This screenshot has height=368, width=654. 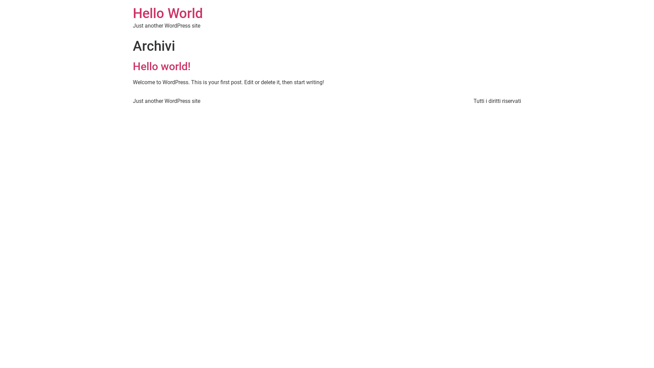 I want to click on 'Hello world!', so click(x=161, y=66).